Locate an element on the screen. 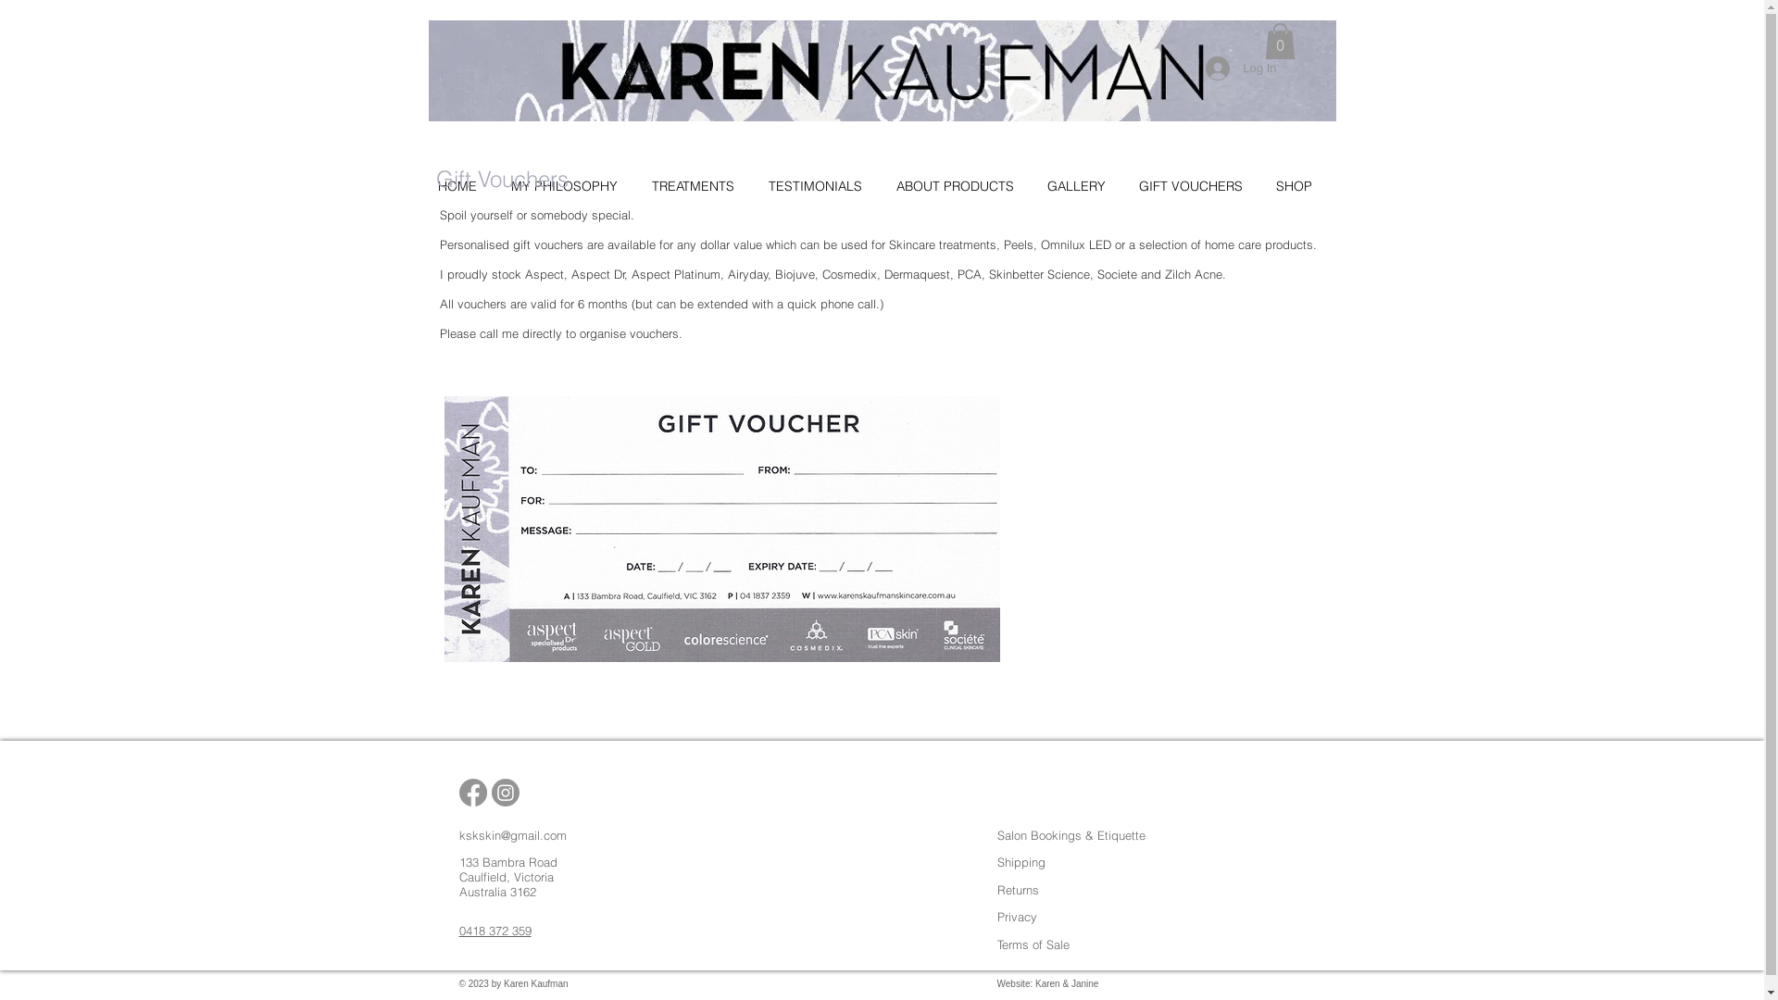  '0418 372 359' is located at coordinates (495, 931).